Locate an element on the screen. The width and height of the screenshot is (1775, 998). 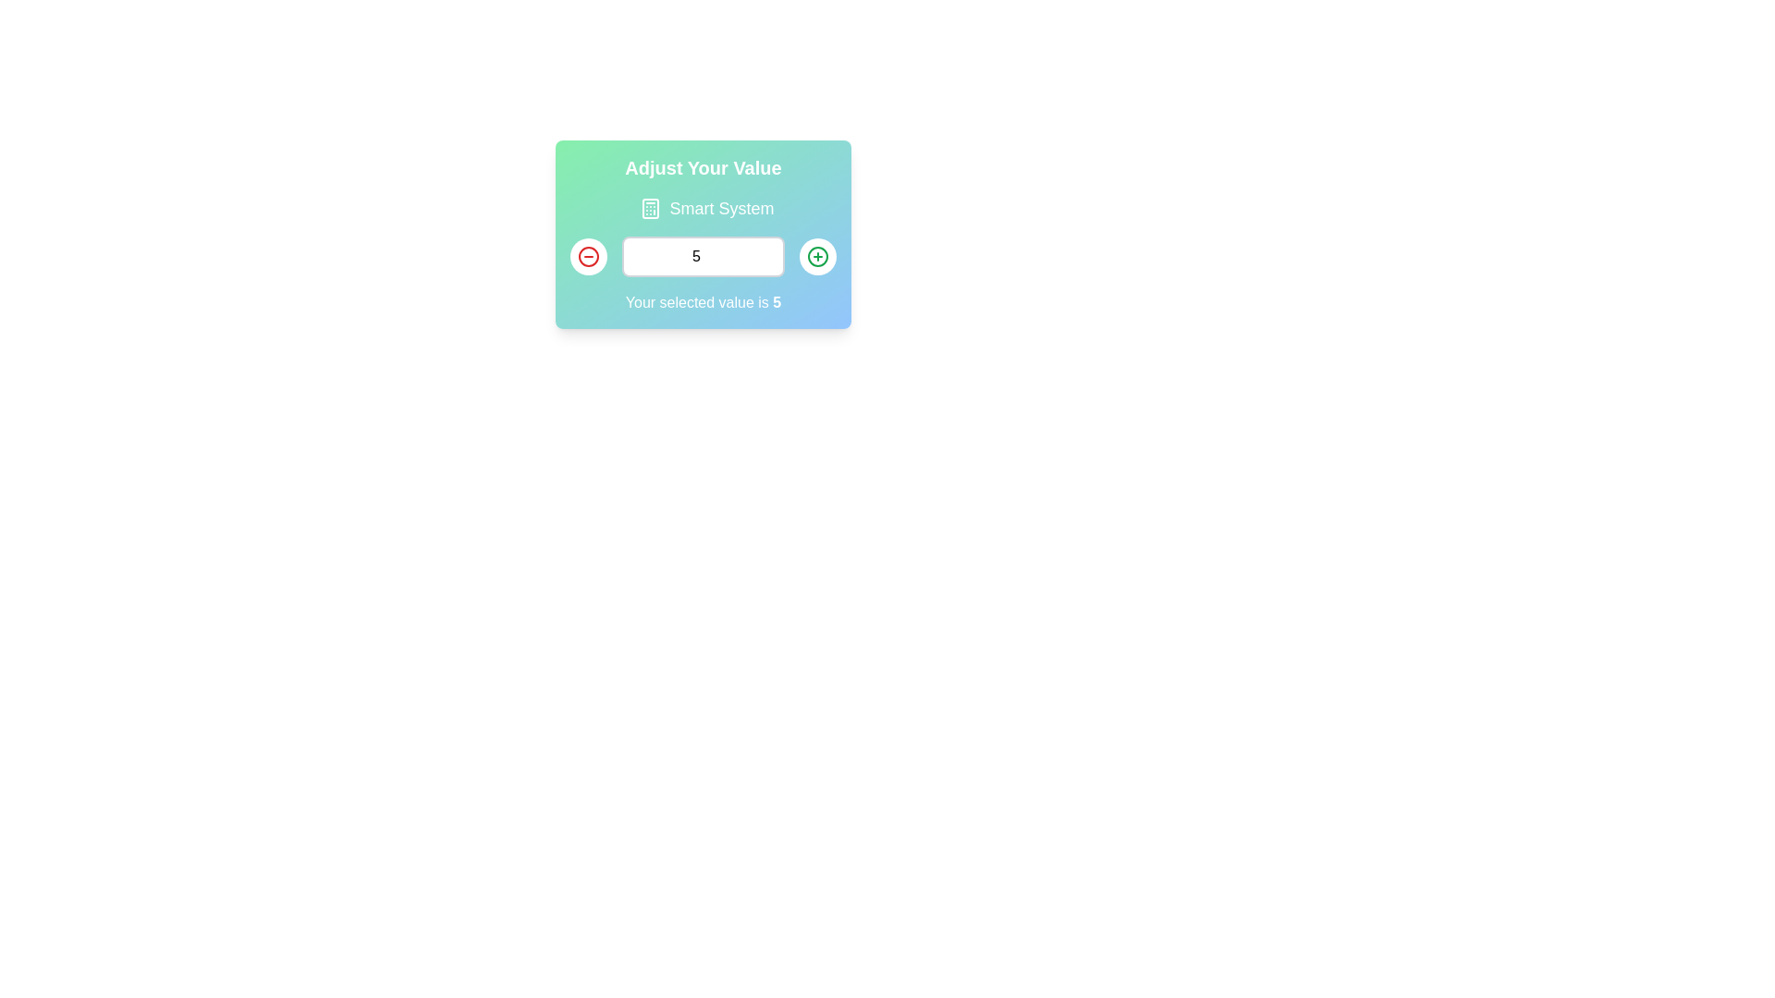
the third circular button with a '+' symbol to increment the value is located at coordinates (816, 256).